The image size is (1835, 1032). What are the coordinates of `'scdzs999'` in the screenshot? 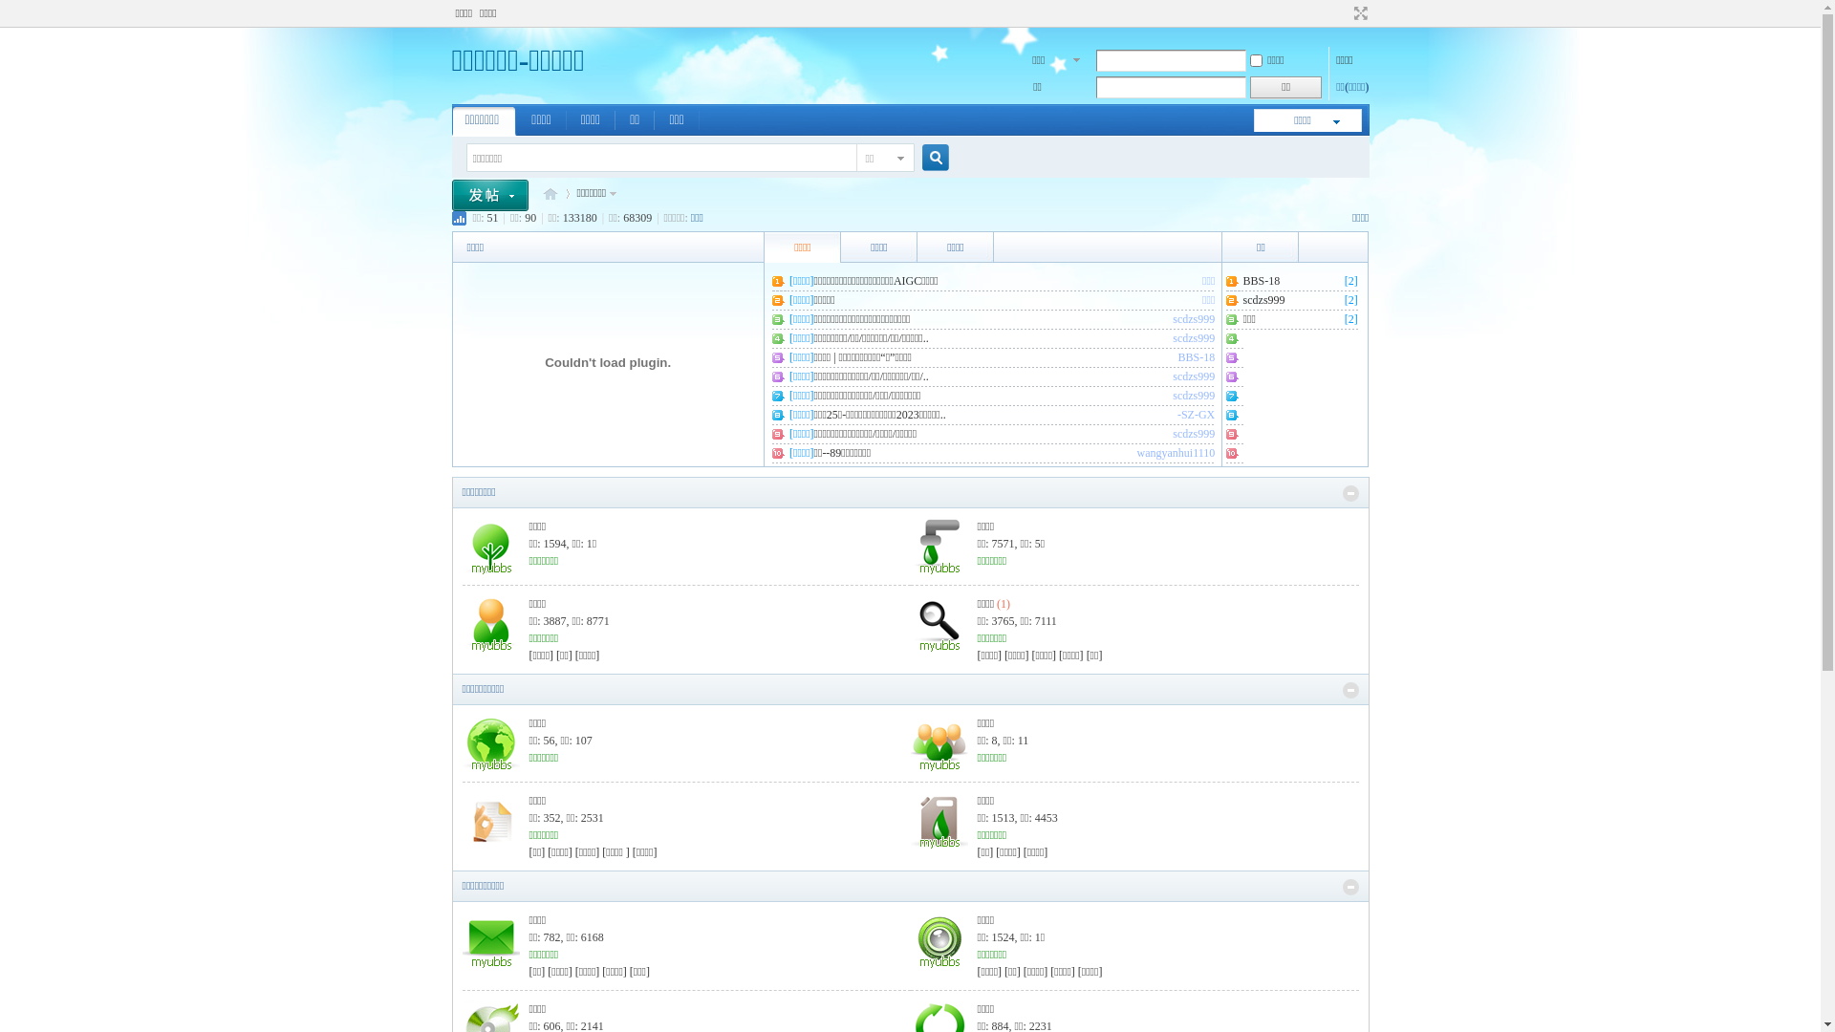 It's located at (1172, 434).